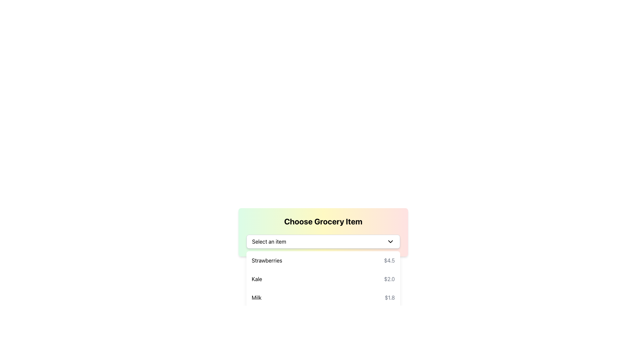 Image resolution: width=636 pixels, height=358 pixels. I want to click on the Text Label that prompts the user to make a selection from the dropdown menu to focus it, so click(269, 242).